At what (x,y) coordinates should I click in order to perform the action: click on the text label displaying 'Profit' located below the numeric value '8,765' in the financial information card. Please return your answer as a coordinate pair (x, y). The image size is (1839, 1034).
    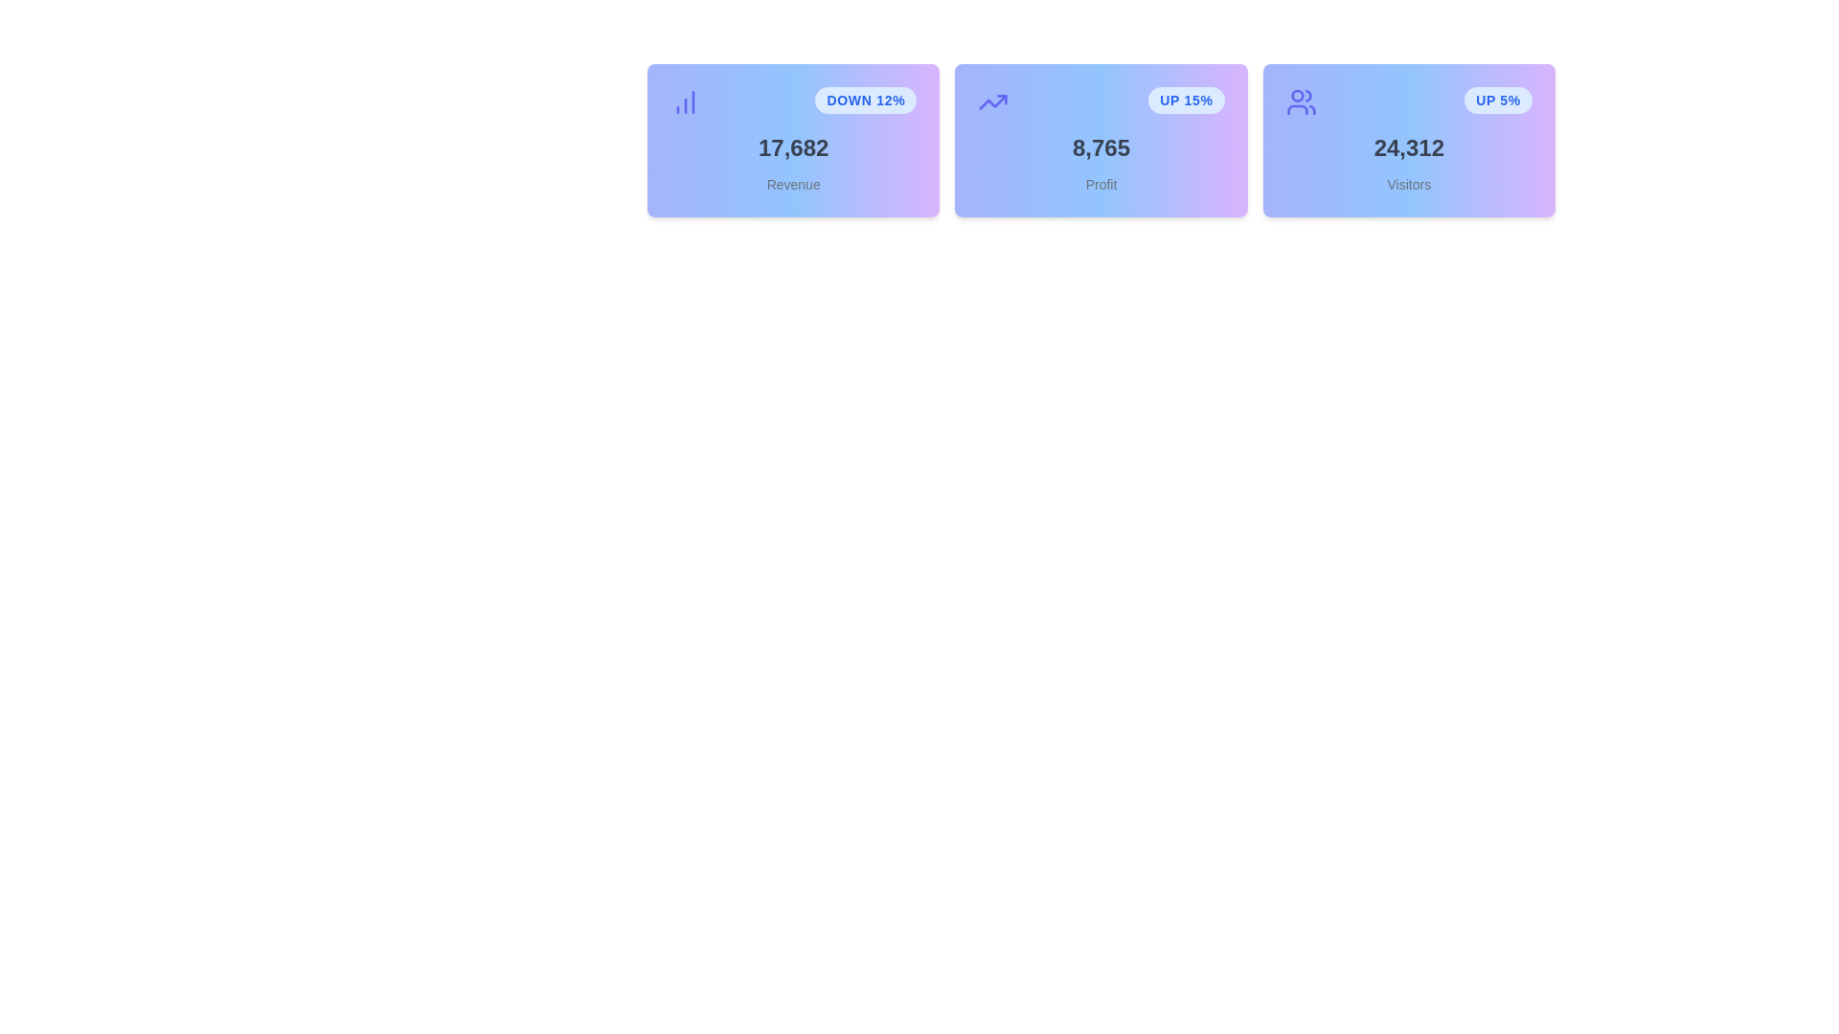
    Looking at the image, I should click on (1101, 184).